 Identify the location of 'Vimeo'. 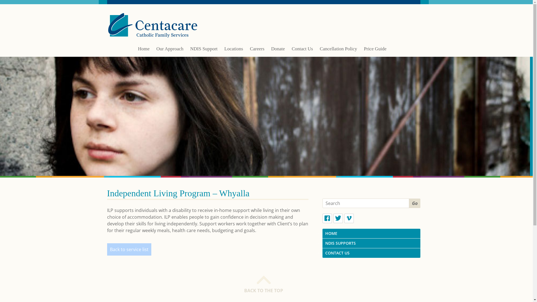
(343, 218).